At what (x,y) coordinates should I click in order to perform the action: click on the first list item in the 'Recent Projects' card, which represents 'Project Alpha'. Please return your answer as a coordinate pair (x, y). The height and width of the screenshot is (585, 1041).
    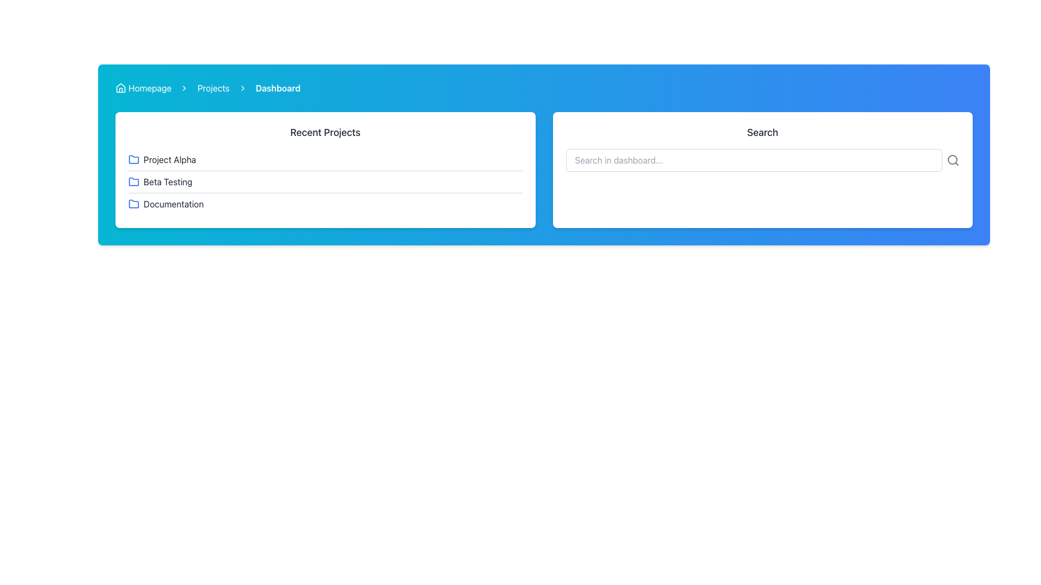
    Looking at the image, I should click on (325, 159).